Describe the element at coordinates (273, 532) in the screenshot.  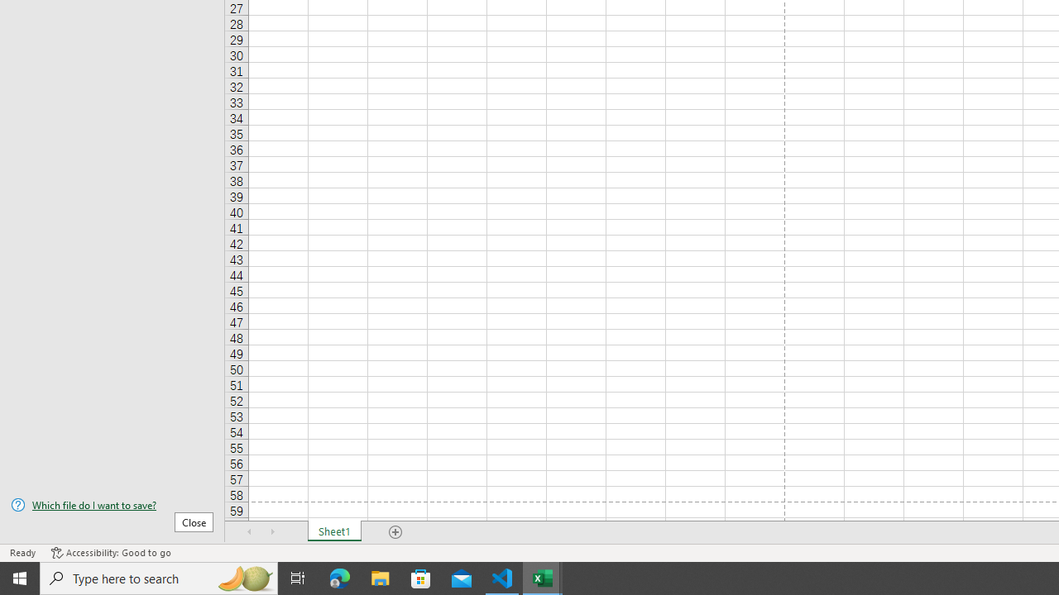
I see `'Scroll Right'` at that location.